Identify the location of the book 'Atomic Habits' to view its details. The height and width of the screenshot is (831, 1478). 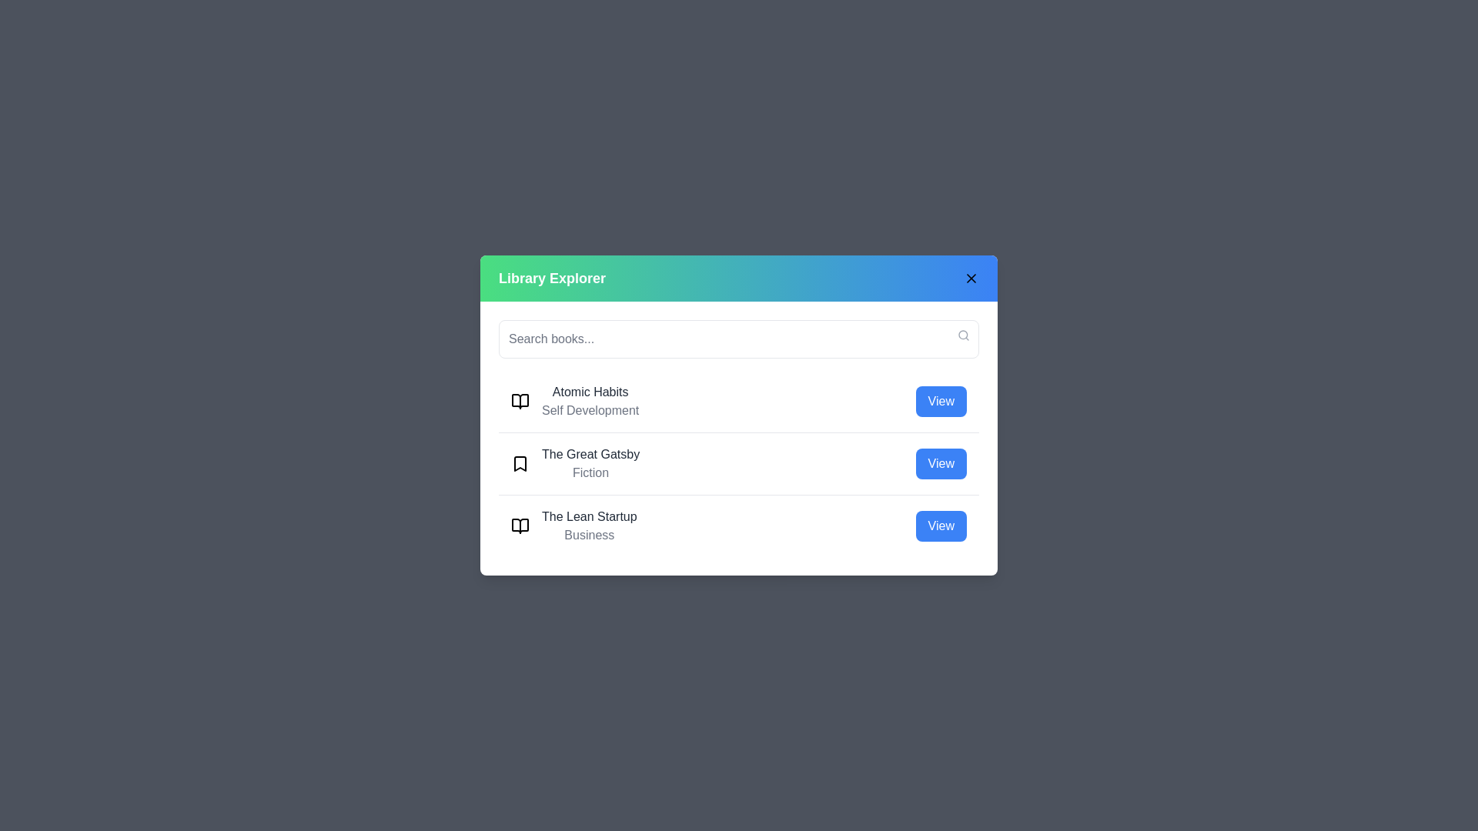
(940, 400).